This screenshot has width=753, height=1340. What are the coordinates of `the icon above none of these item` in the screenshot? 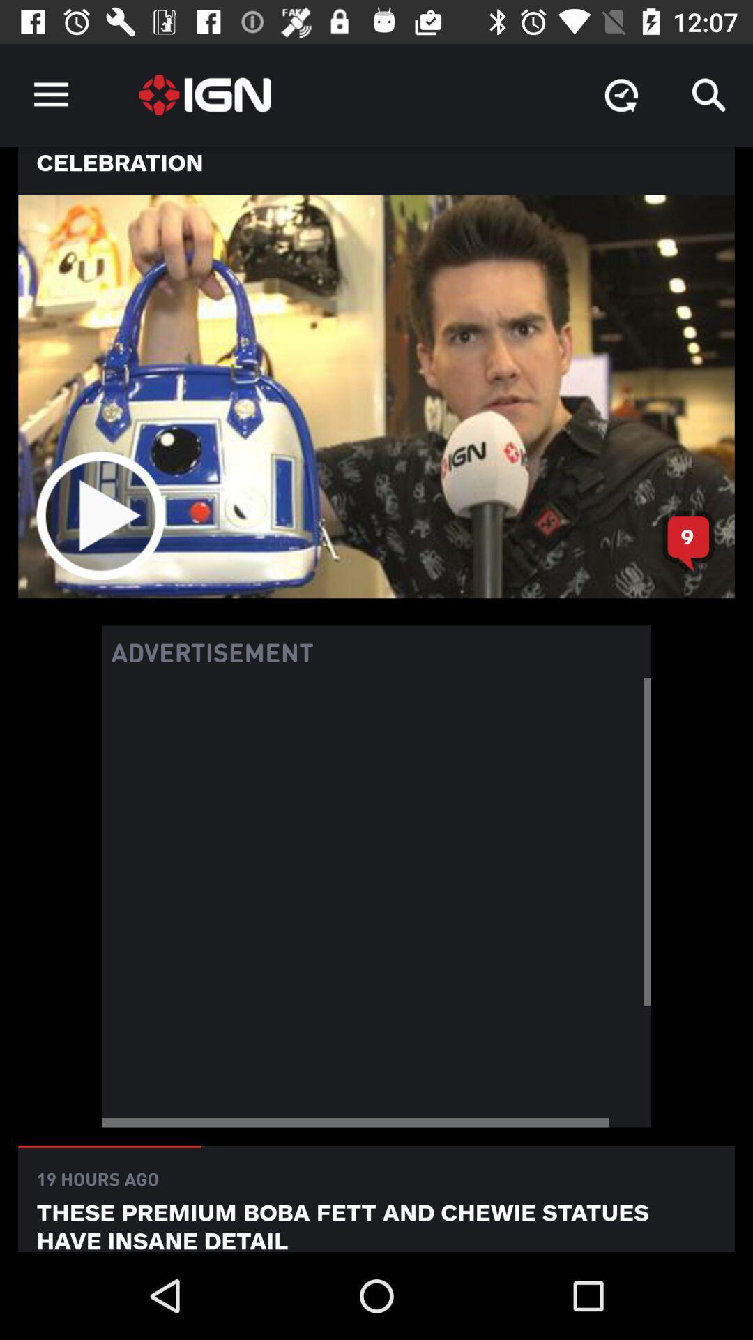 It's located at (50, 94).